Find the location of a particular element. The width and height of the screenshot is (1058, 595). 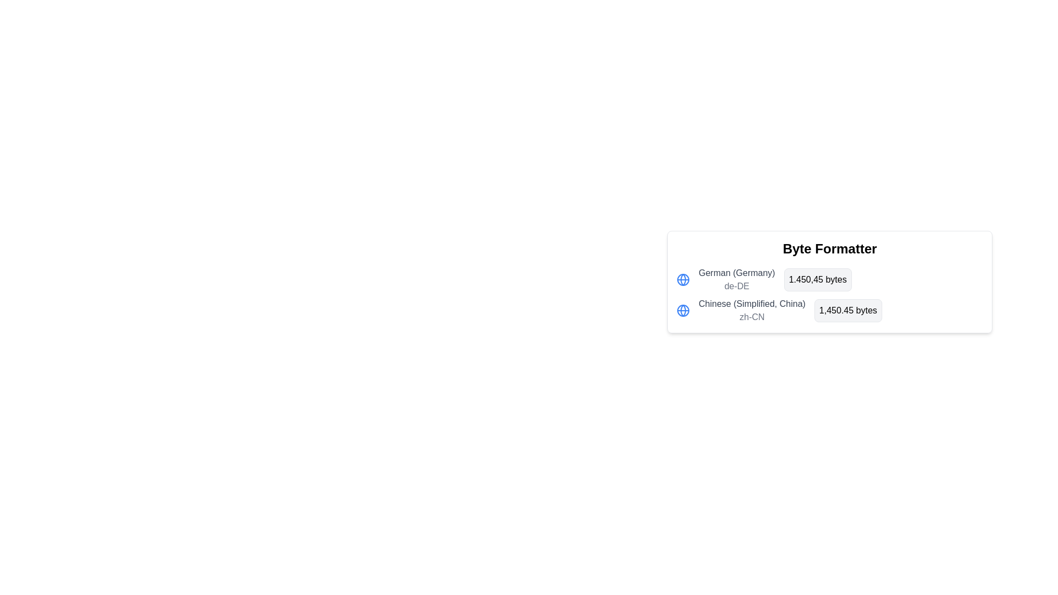

the blue circular SVG element located at the center of the globe icon is located at coordinates (682, 279).